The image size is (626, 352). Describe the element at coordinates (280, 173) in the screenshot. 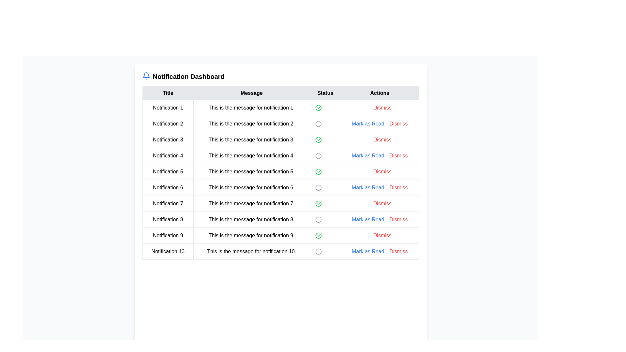

I see `the 'Mark as Read' button in the notification dashboard table to mark a notification as read` at that location.